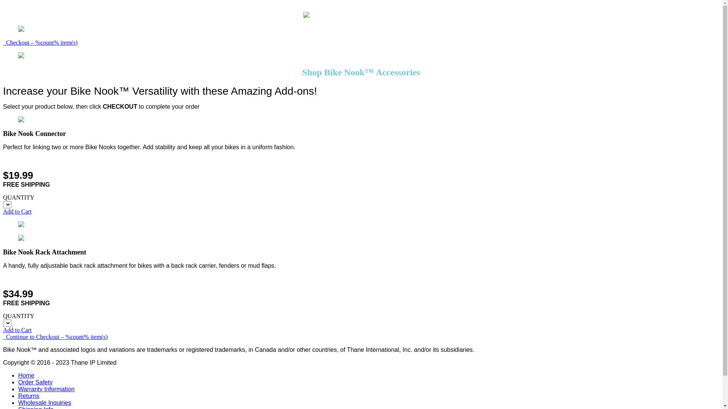  I want to click on 'Wholesale Inquiries', so click(44, 402).